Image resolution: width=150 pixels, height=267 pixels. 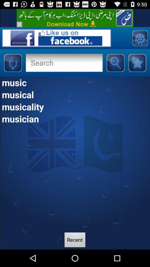 I want to click on the app above the musicality item, so click(x=75, y=94).